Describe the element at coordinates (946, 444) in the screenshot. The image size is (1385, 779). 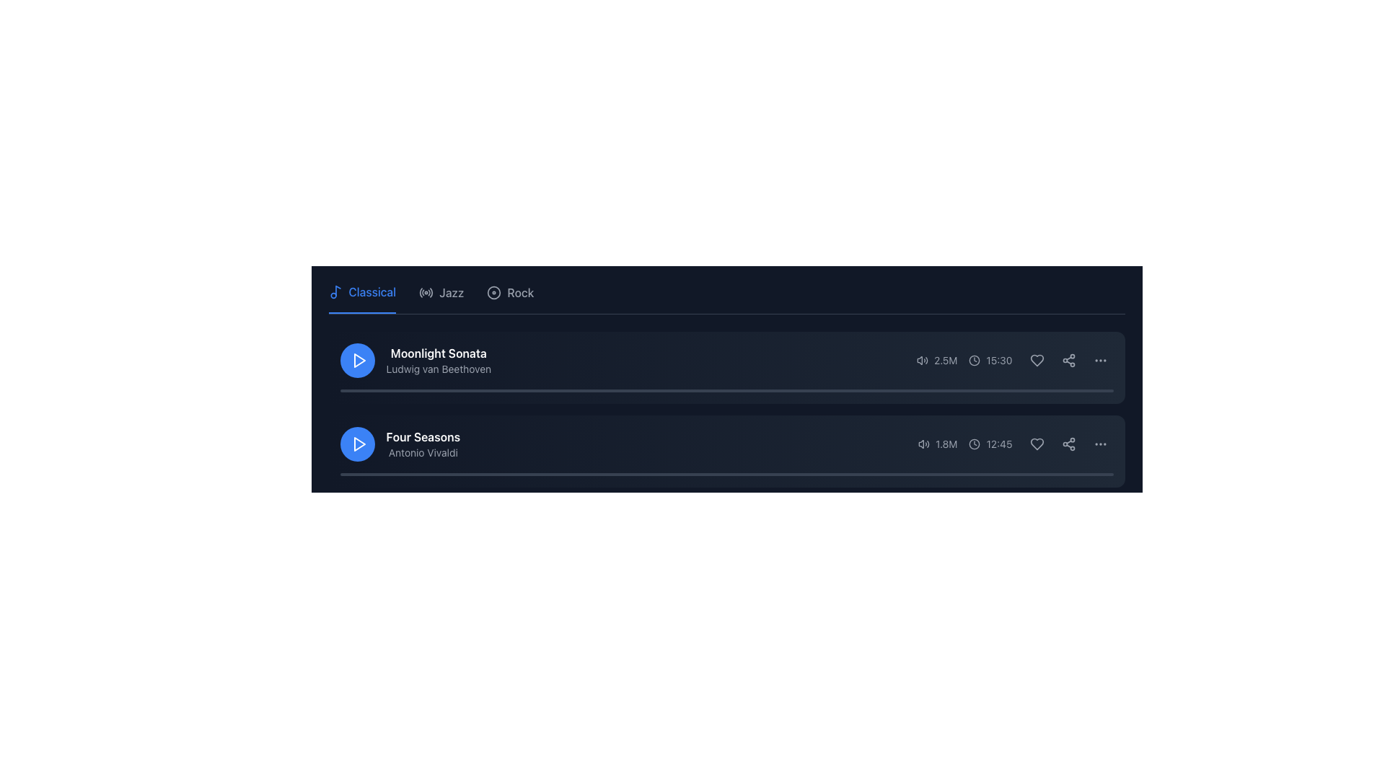
I see `the text label displaying '1.8M', which is positioned on the far-right end of the second row in the playlist interface` at that location.